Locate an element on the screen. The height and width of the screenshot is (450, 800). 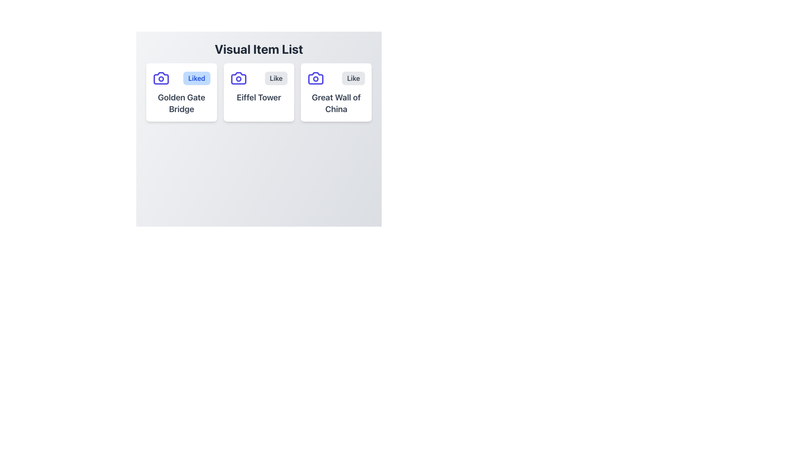
the 'like' button for the 'Golden Gate Bridge' item in the Visual Item List section to observe any hover effects is located at coordinates (181, 78).